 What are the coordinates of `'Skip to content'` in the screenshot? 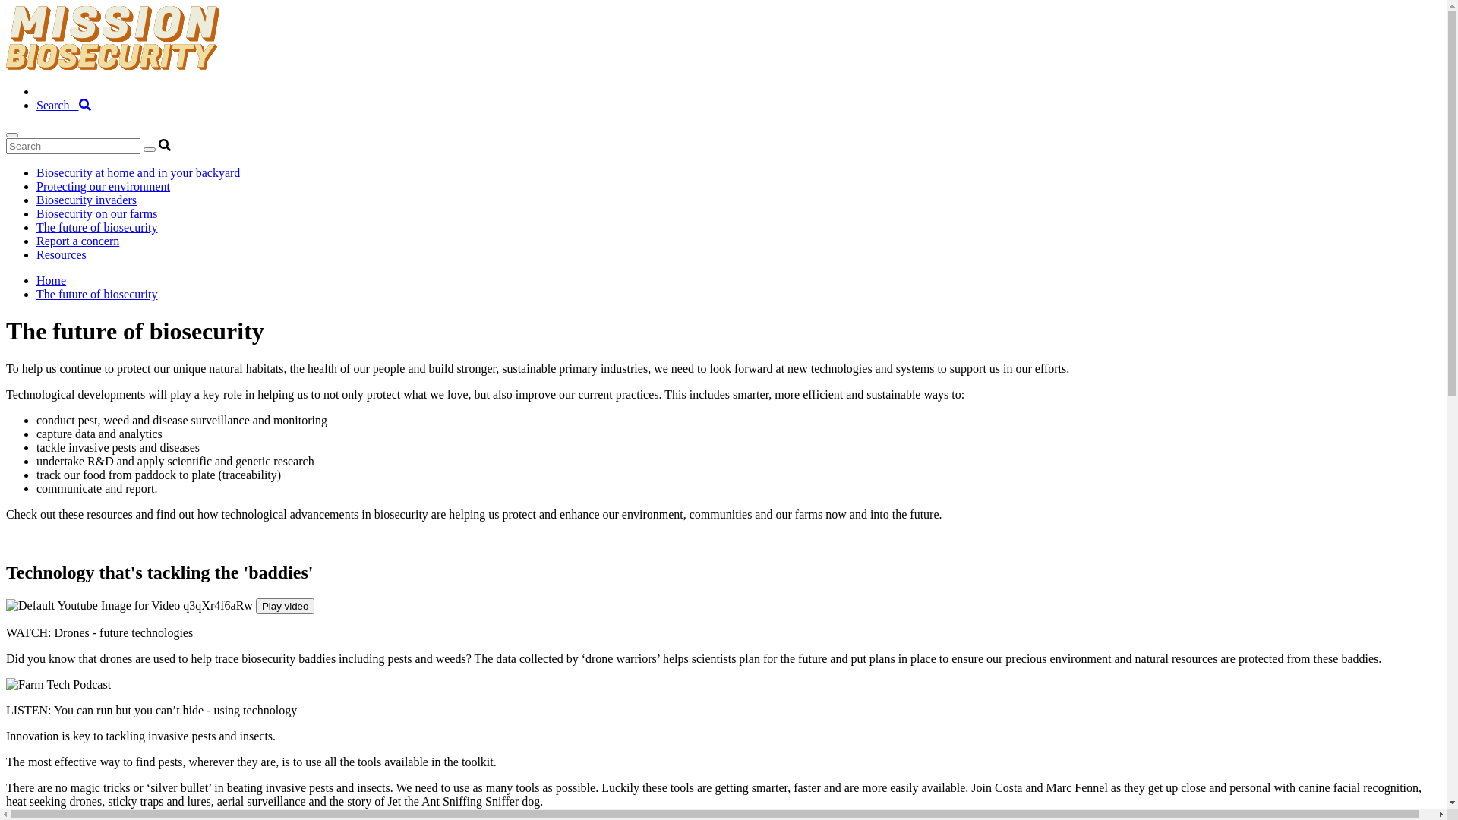 It's located at (5, 5).